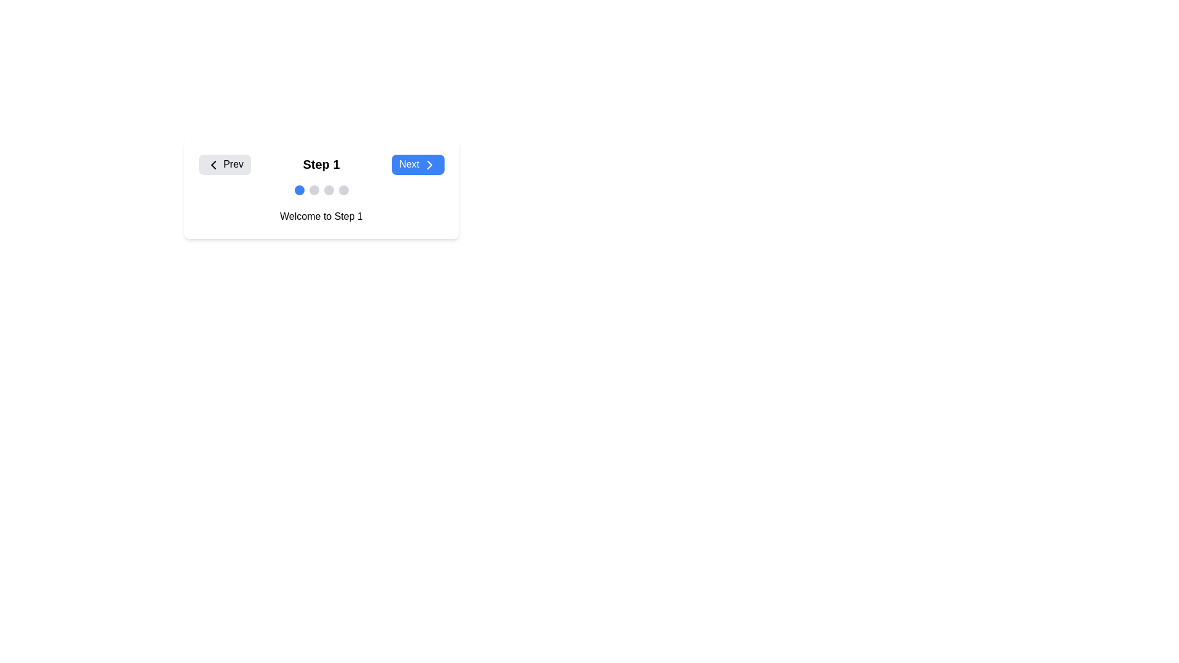 Image resolution: width=1179 pixels, height=663 pixels. What do you see at coordinates (314, 190) in the screenshot?
I see `the second progress indicator dot, which visually represents the second step in a sequence, located beneath the text 'Step 1'` at bounding box center [314, 190].